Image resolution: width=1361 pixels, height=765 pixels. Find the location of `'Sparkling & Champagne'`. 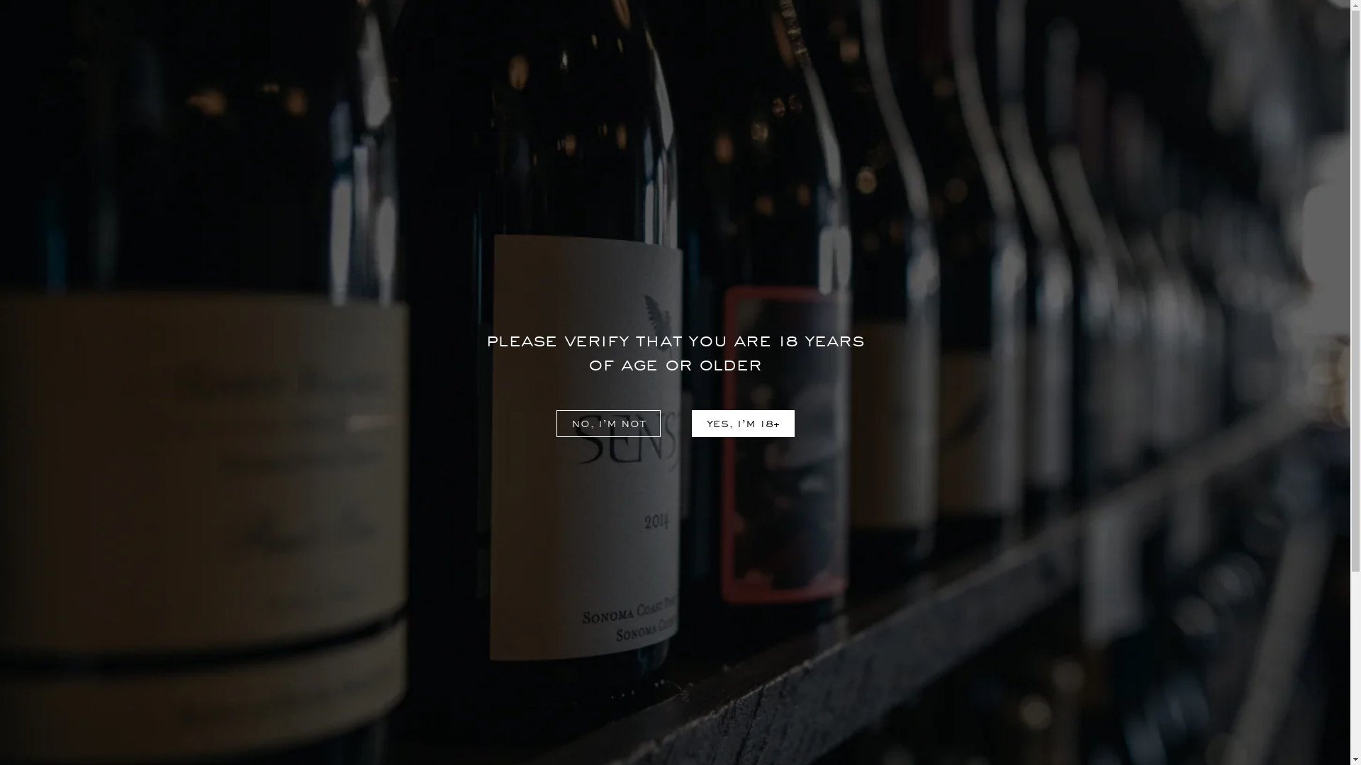

'Sparkling & Champagne' is located at coordinates (649, 81).